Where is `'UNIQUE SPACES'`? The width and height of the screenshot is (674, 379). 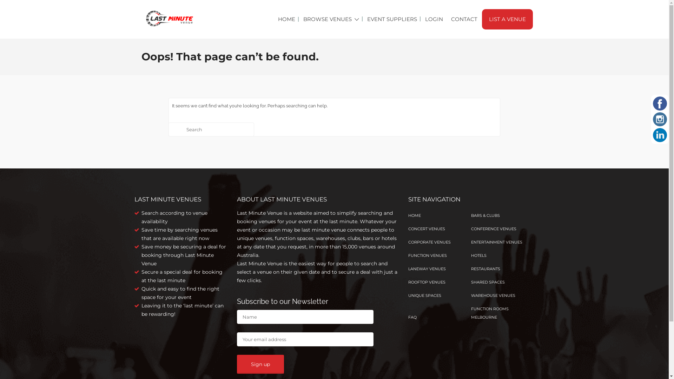
'UNIQUE SPACES' is located at coordinates (424, 295).